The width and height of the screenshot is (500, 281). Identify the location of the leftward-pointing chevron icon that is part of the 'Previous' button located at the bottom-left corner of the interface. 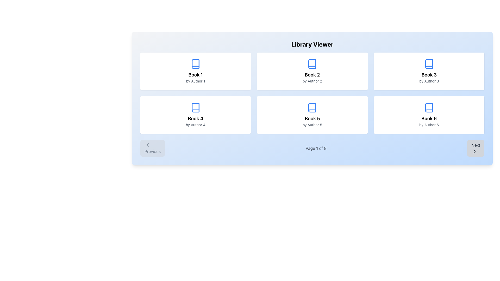
(147, 145).